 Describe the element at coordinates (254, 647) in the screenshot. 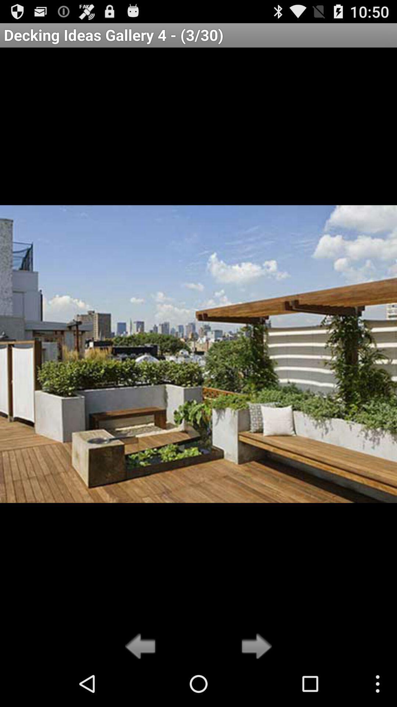

I see `the icon below decking ideas gallery icon` at that location.